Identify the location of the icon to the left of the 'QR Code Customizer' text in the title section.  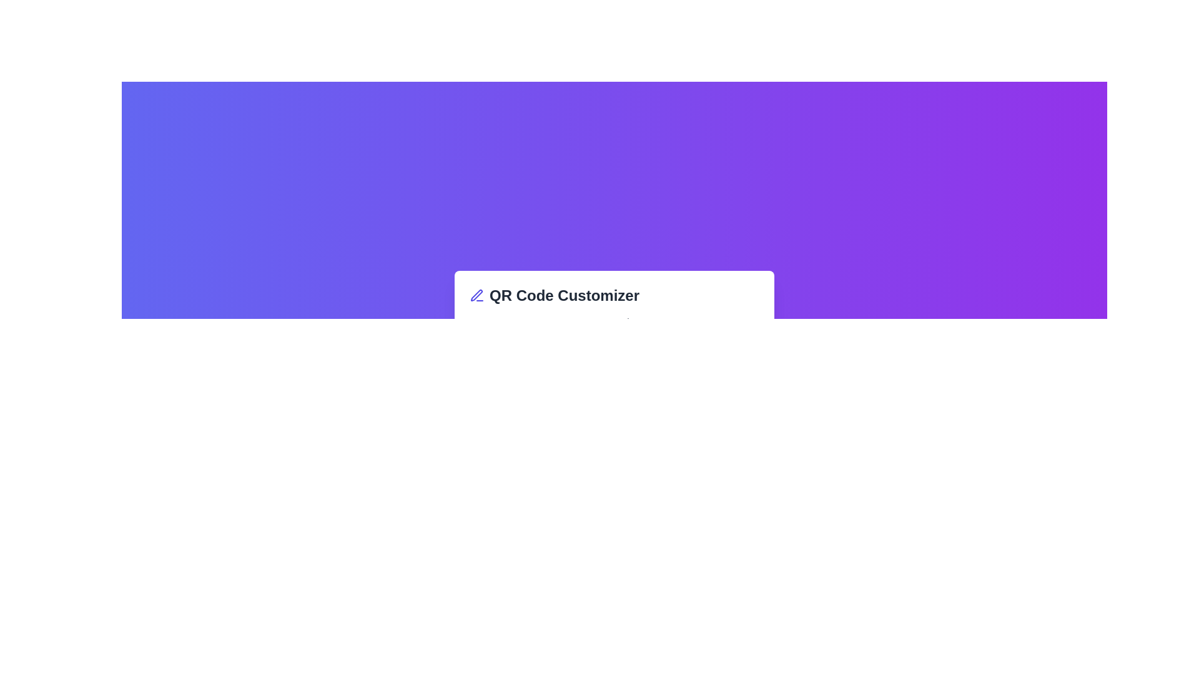
(476, 296).